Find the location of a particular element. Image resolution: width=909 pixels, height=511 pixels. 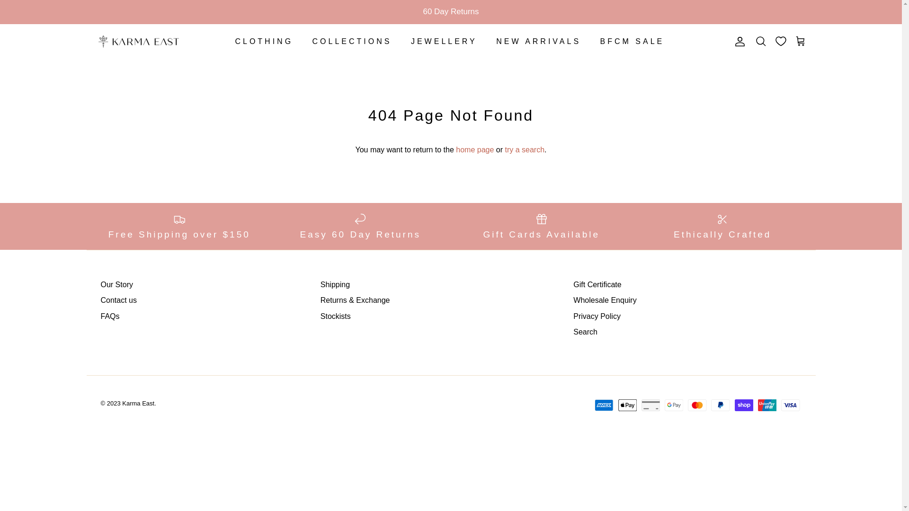

'COLLECTIONS' is located at coordinates (352, 41).